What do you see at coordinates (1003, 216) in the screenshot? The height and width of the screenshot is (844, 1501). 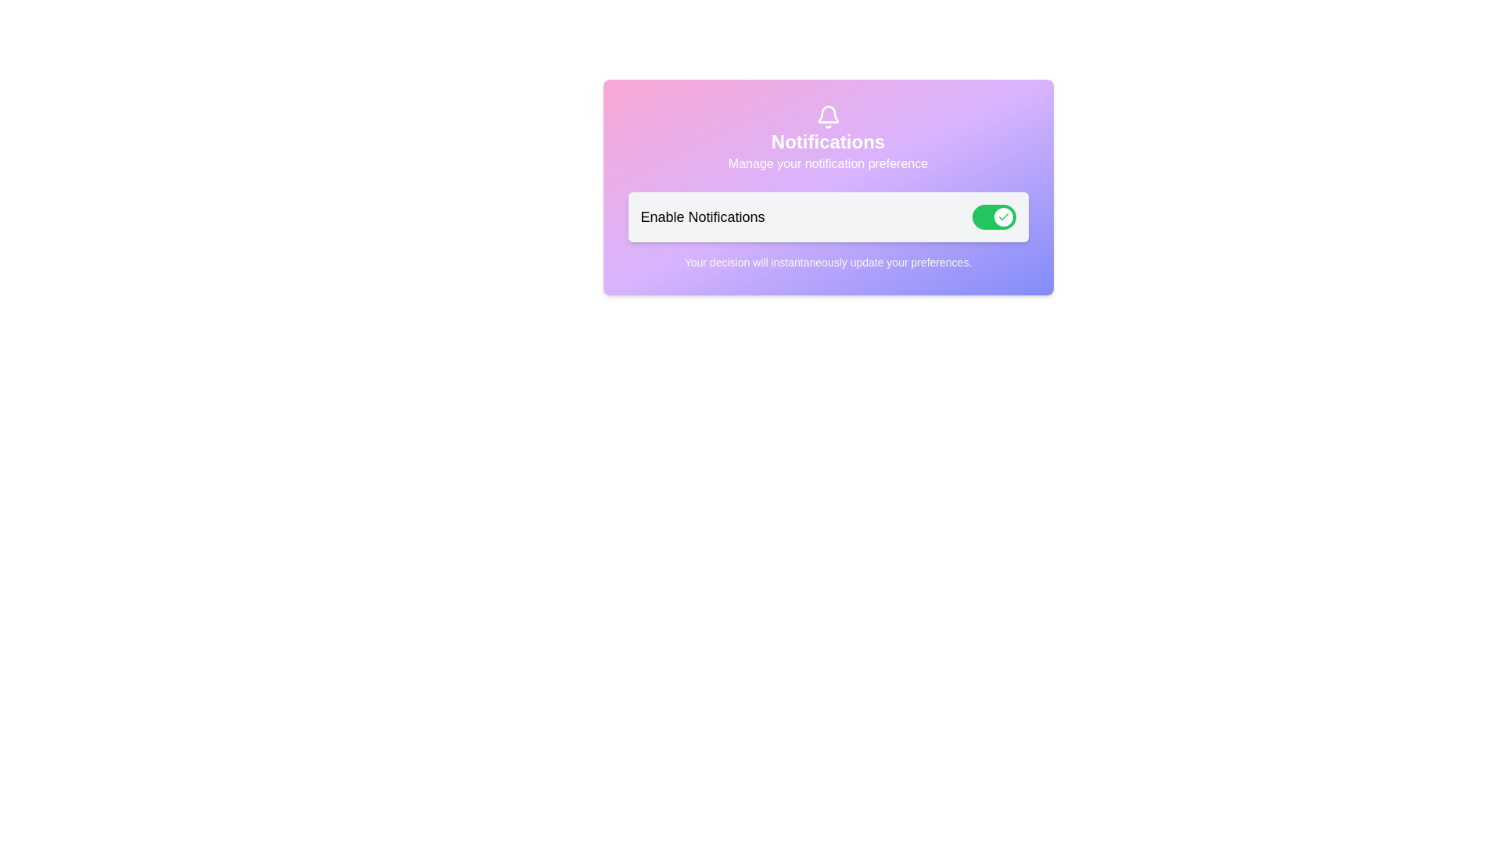 I see `the active toggle switch icon indicating that notifications are enabled, located in the middle right of the notification preferences card` at bounding box center [1003, 216].